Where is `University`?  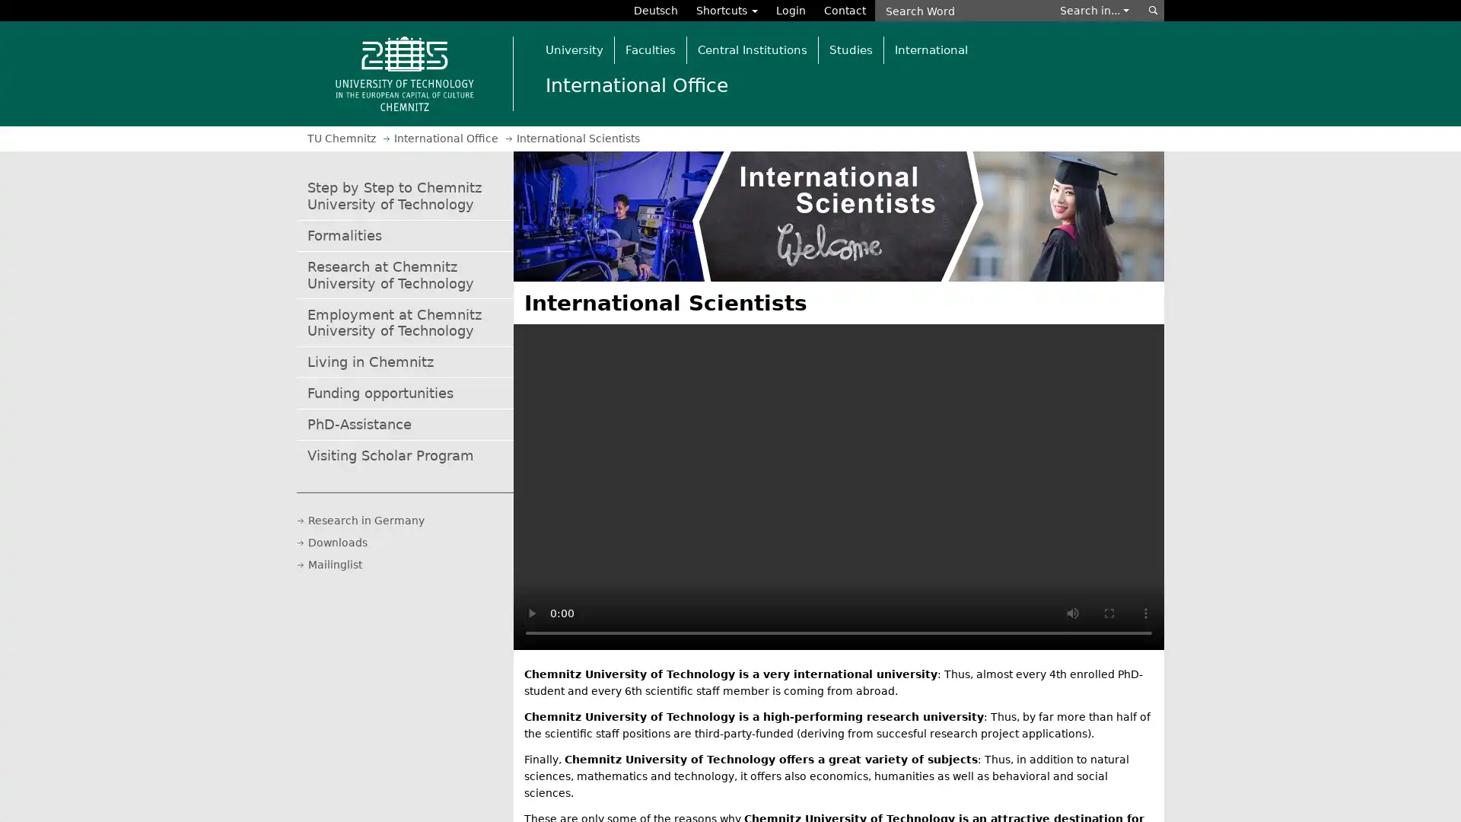
University is located at coordinates (573, 49).